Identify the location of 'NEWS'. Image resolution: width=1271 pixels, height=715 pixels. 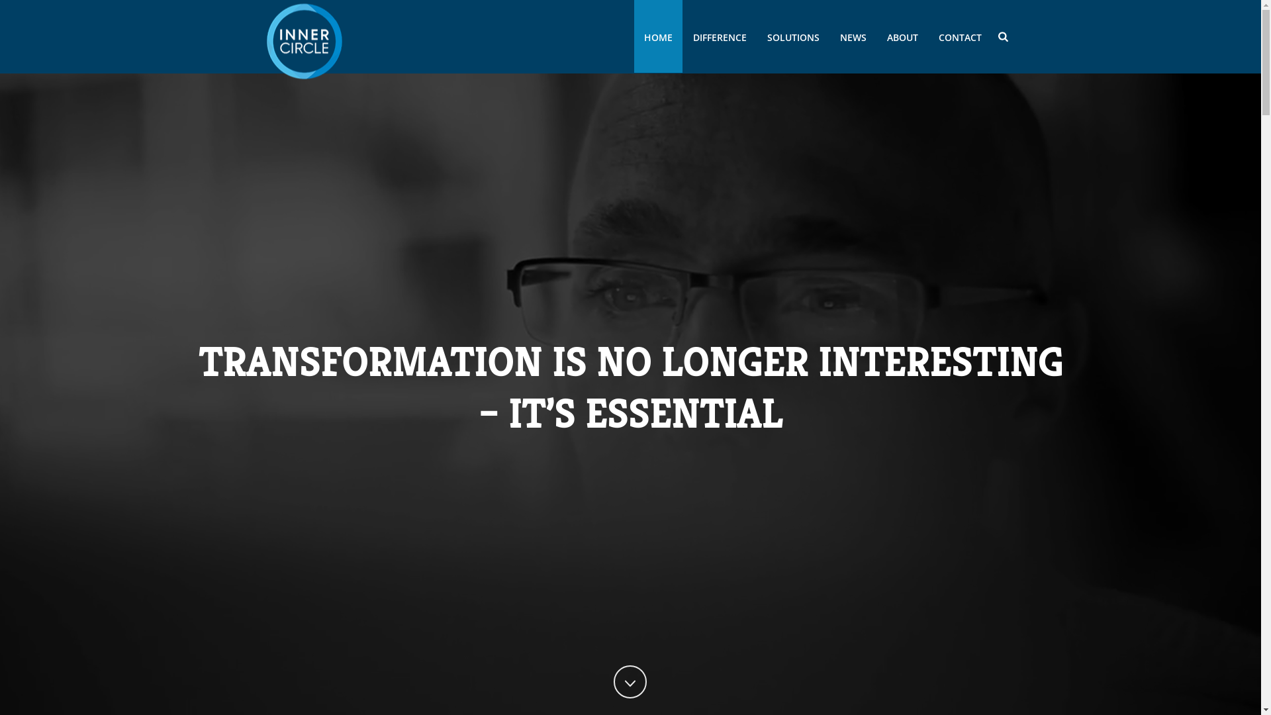
(853, 35).